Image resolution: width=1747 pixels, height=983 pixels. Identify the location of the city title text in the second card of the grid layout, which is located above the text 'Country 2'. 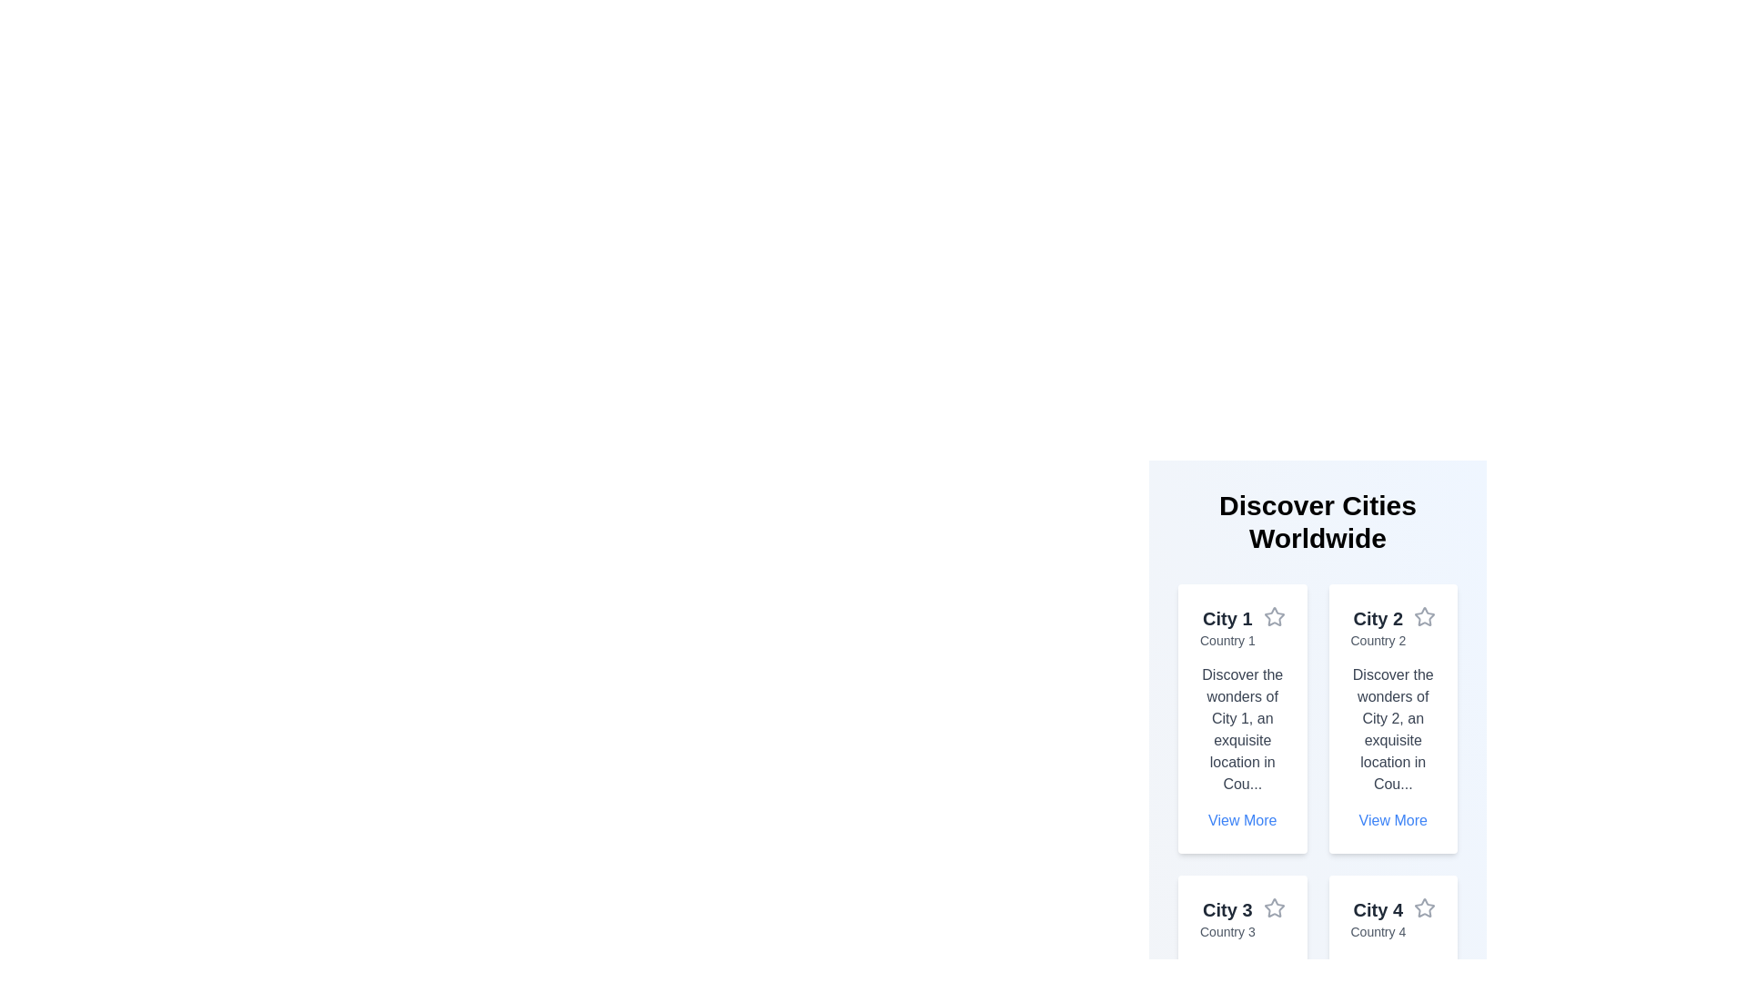
(1378, 617).